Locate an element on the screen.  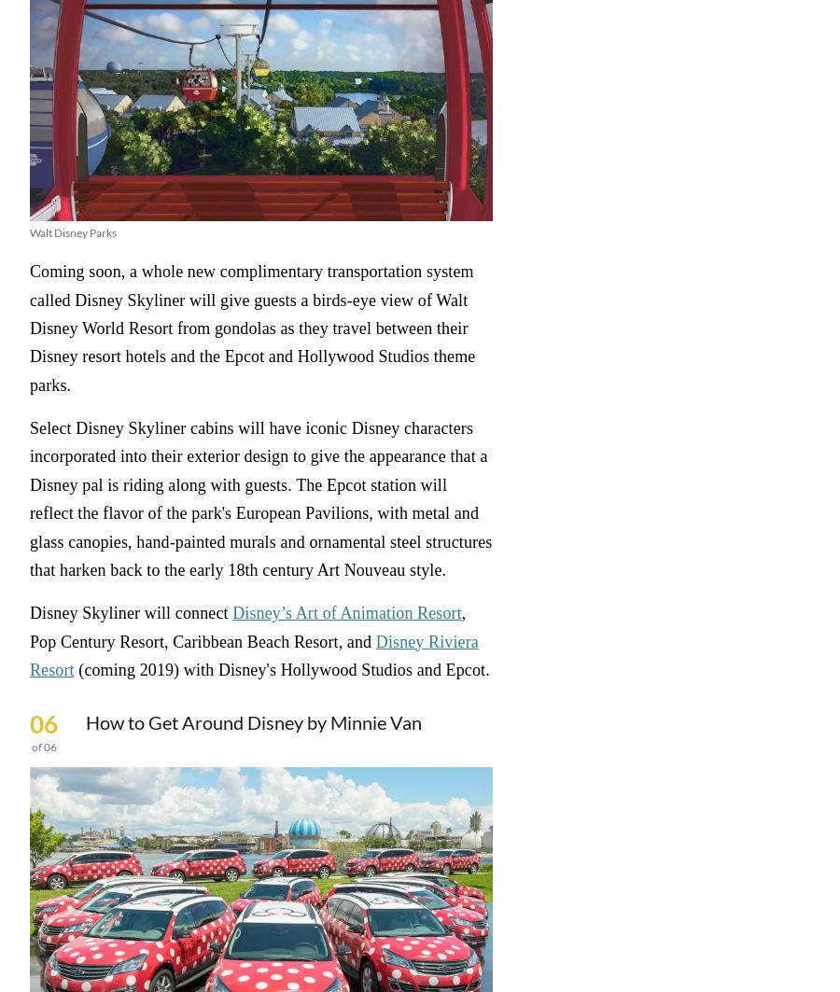
'Disney’s Art of Animation Resort' is located at coordinates (346, 612).